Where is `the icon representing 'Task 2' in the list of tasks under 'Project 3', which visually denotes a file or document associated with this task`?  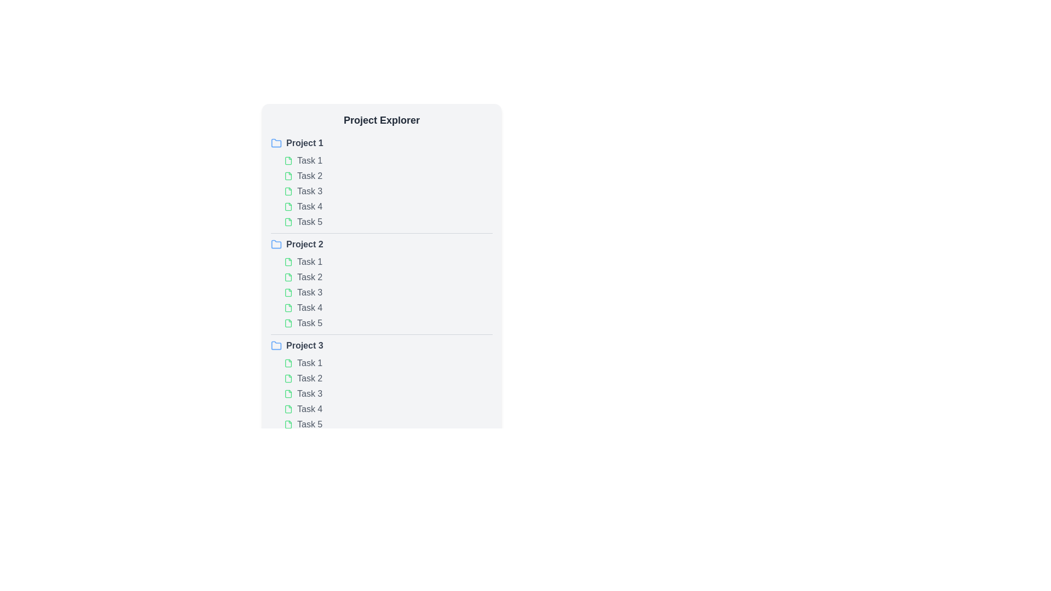 the icon representing 'Task 2' in the list of tasks under 'Project 3', which visually denotes a file or document associated with this task is located at coordinates (288, 378).